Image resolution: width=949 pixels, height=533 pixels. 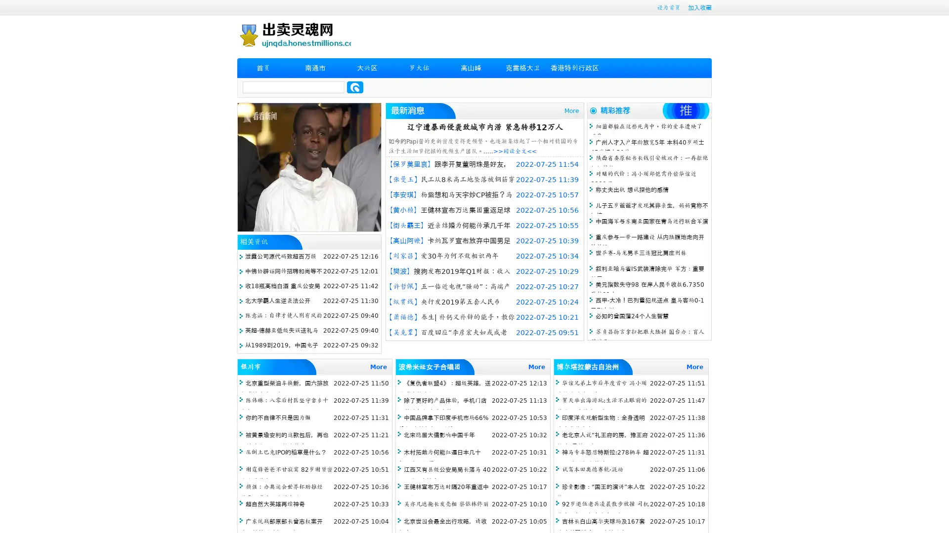 What do you see at coordinates (355, 87) in the screenshot?
I see `Search` at bounding box center [355, 87].